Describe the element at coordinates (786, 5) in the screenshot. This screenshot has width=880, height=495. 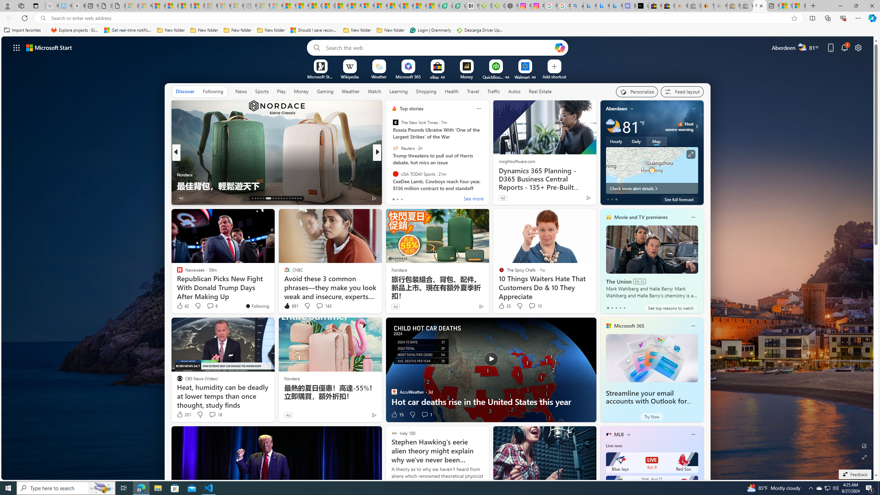
I see `'Shanghai, China hourly forecast | Microsoft Weather'` at that location.